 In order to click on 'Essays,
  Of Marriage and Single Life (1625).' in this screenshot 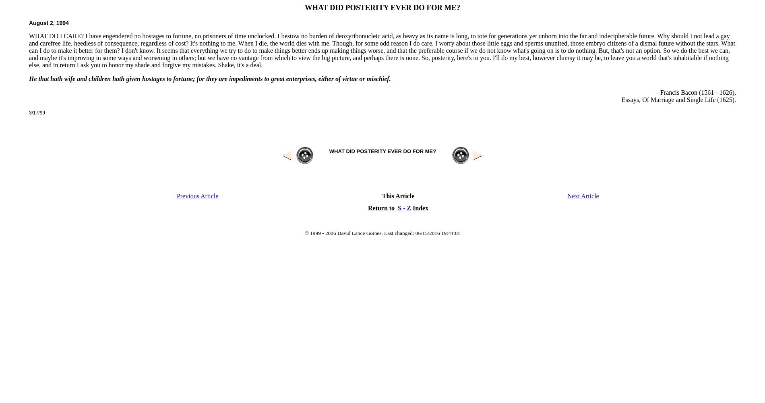, I will do `click(678, 99)`.